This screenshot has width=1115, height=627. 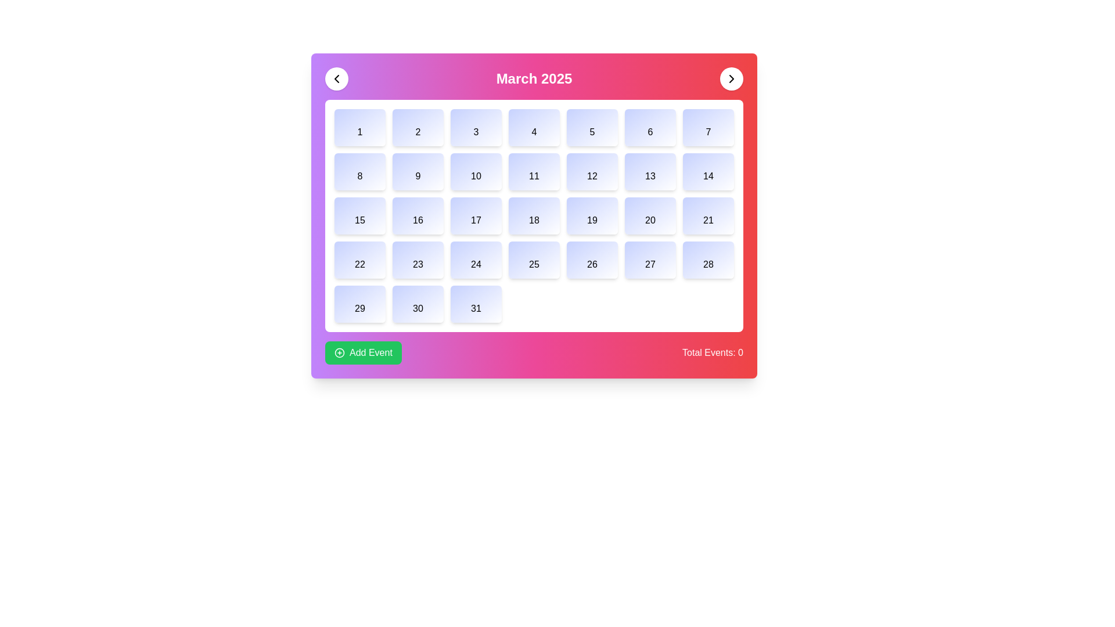 I want to click on the calendar date cell displaying the number '6' in bold black text, so click(x=649, y=127).